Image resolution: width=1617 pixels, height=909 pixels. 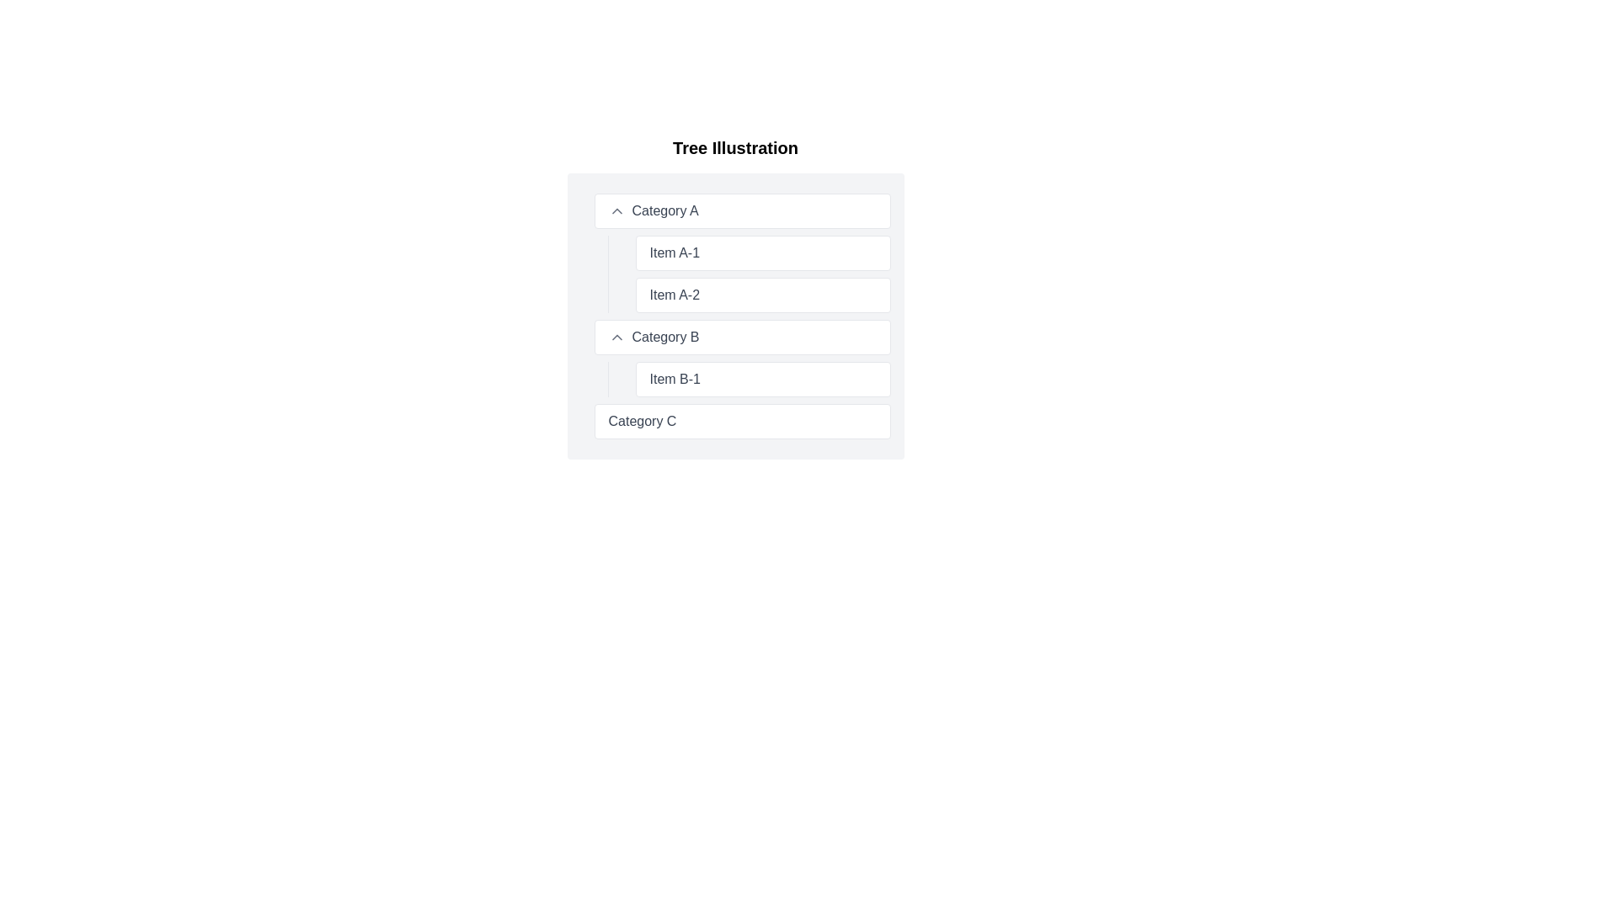 I want to click on the Text Label that denotes a selectable subcategory under Category B in the hierarchical navigation interface to possibly reveal additional information, so click(x=675, y=380).